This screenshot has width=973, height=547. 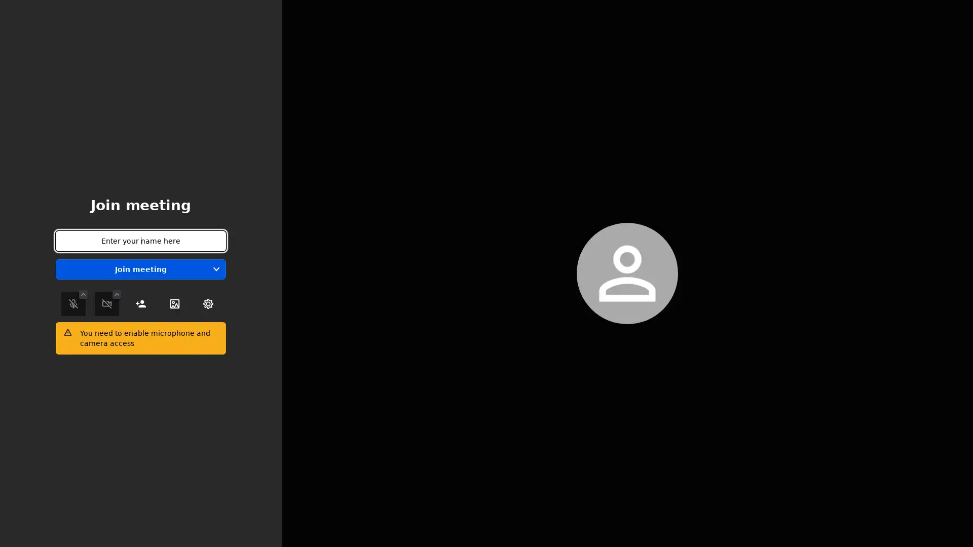 What do you see at coordinates (892, 271) in the screenshot?
I see `Toggle filmstrip` at bounding box center [892, 271].